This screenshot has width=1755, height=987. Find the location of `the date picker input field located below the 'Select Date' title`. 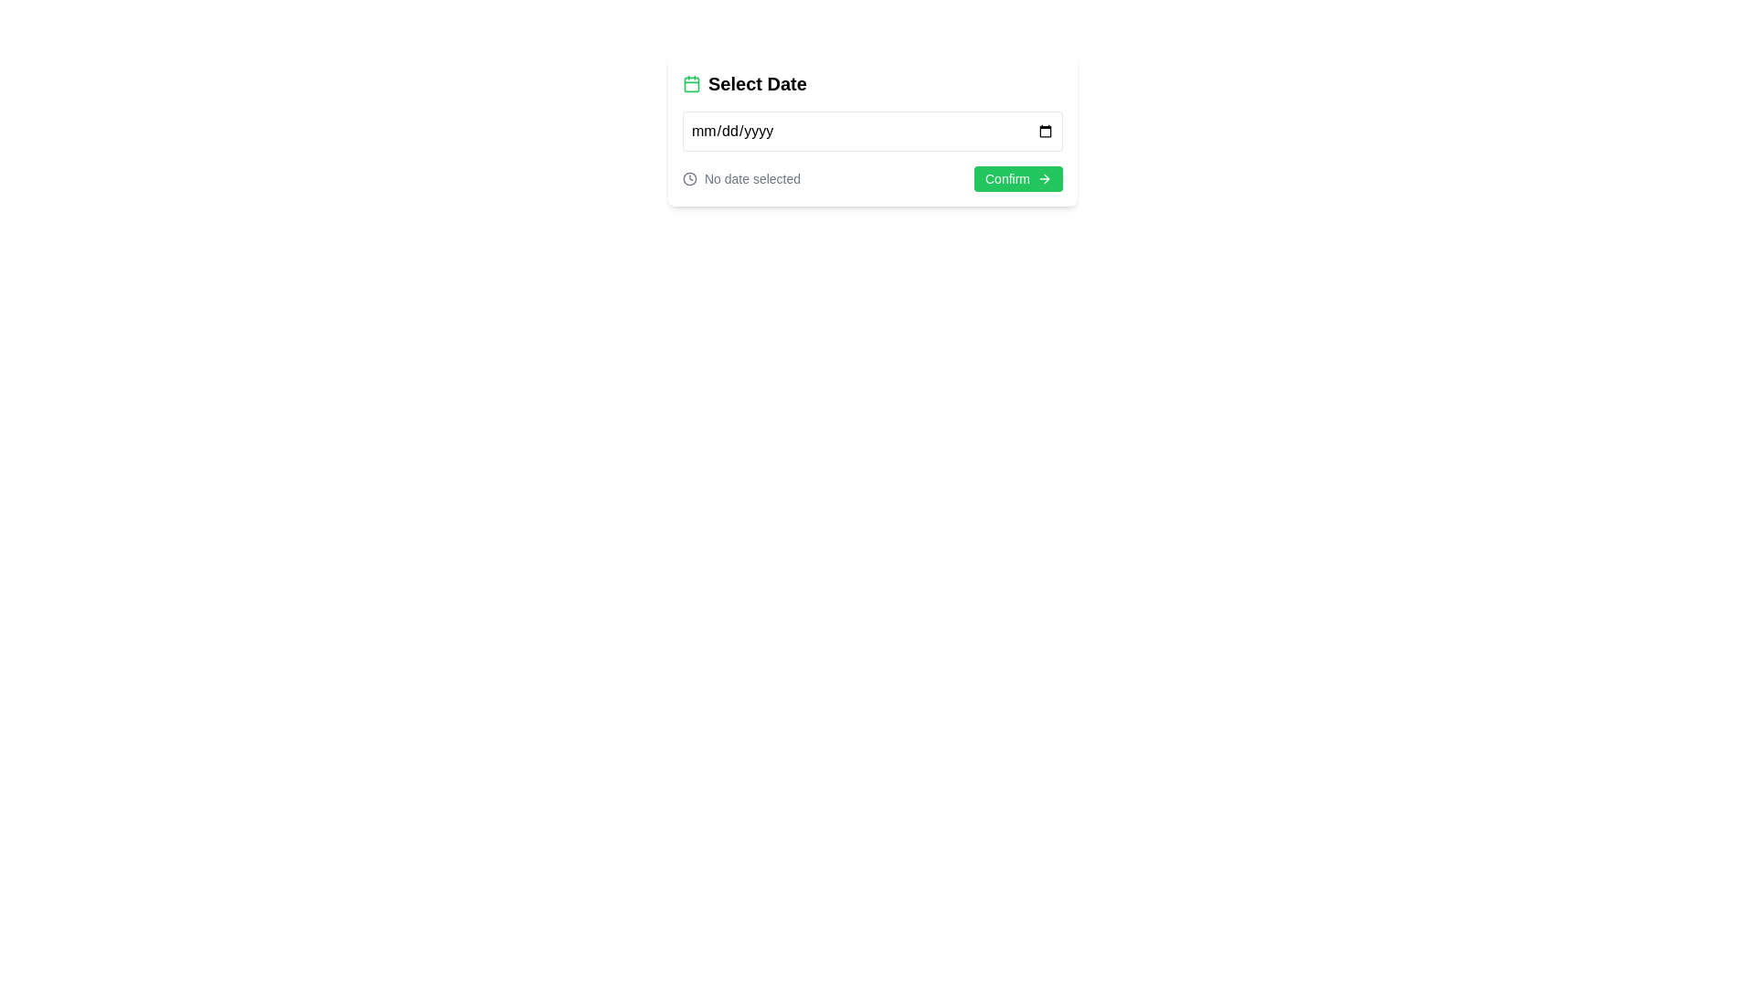

the date picker input field located below the 'Select Date' title is located at coordinates (872, 130).